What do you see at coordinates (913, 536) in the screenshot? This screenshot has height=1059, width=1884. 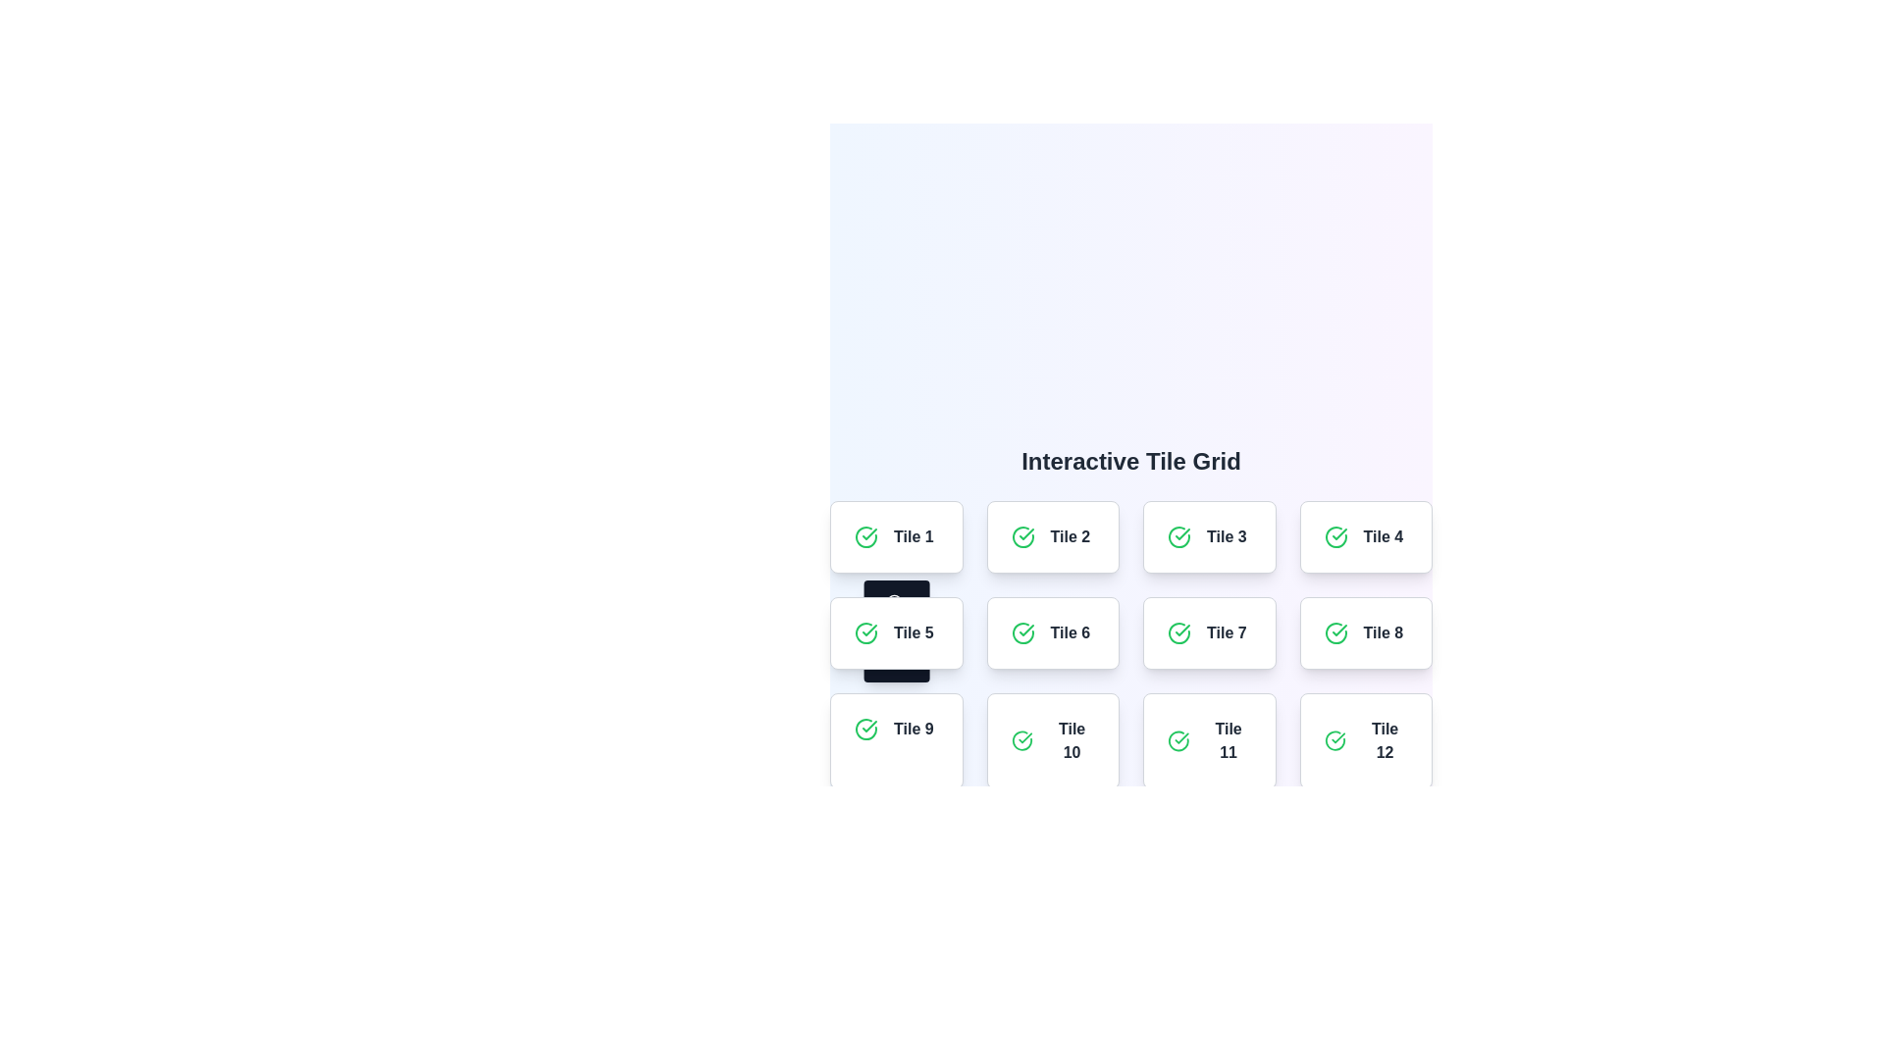 I see `text of the 'Tile 1' label located at the top-left corner of the tile grid, which is displayed in bold black font` at bounding box center [913, 536].